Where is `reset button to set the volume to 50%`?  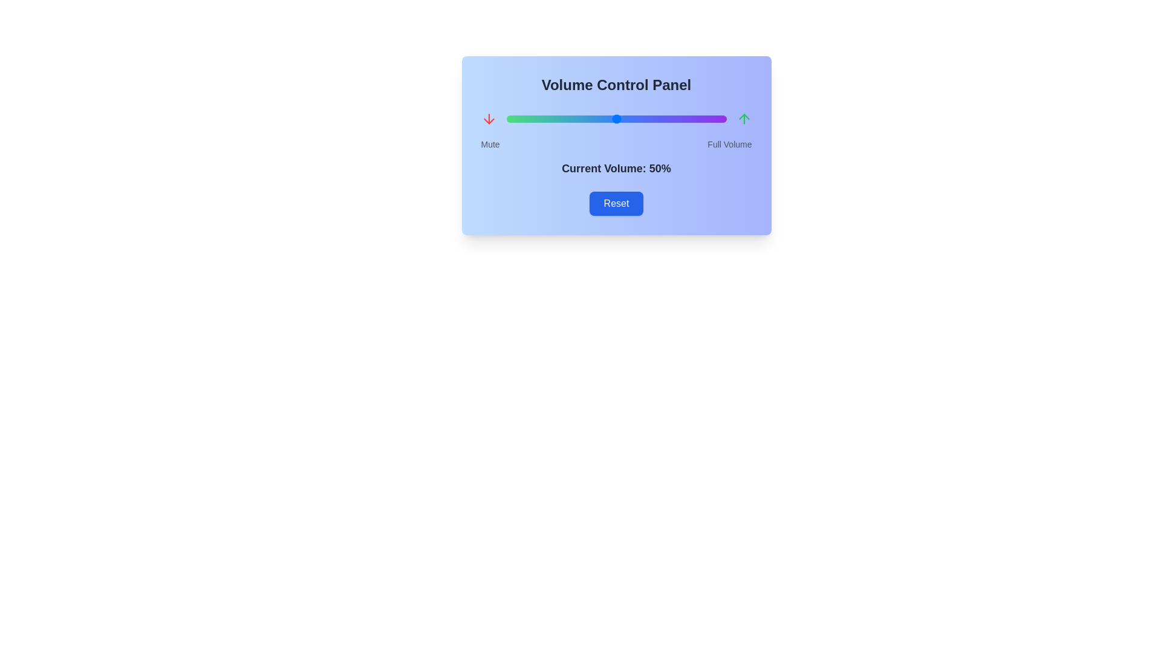 reset button to set the volume to 50% is located at coordinates (616, 203).